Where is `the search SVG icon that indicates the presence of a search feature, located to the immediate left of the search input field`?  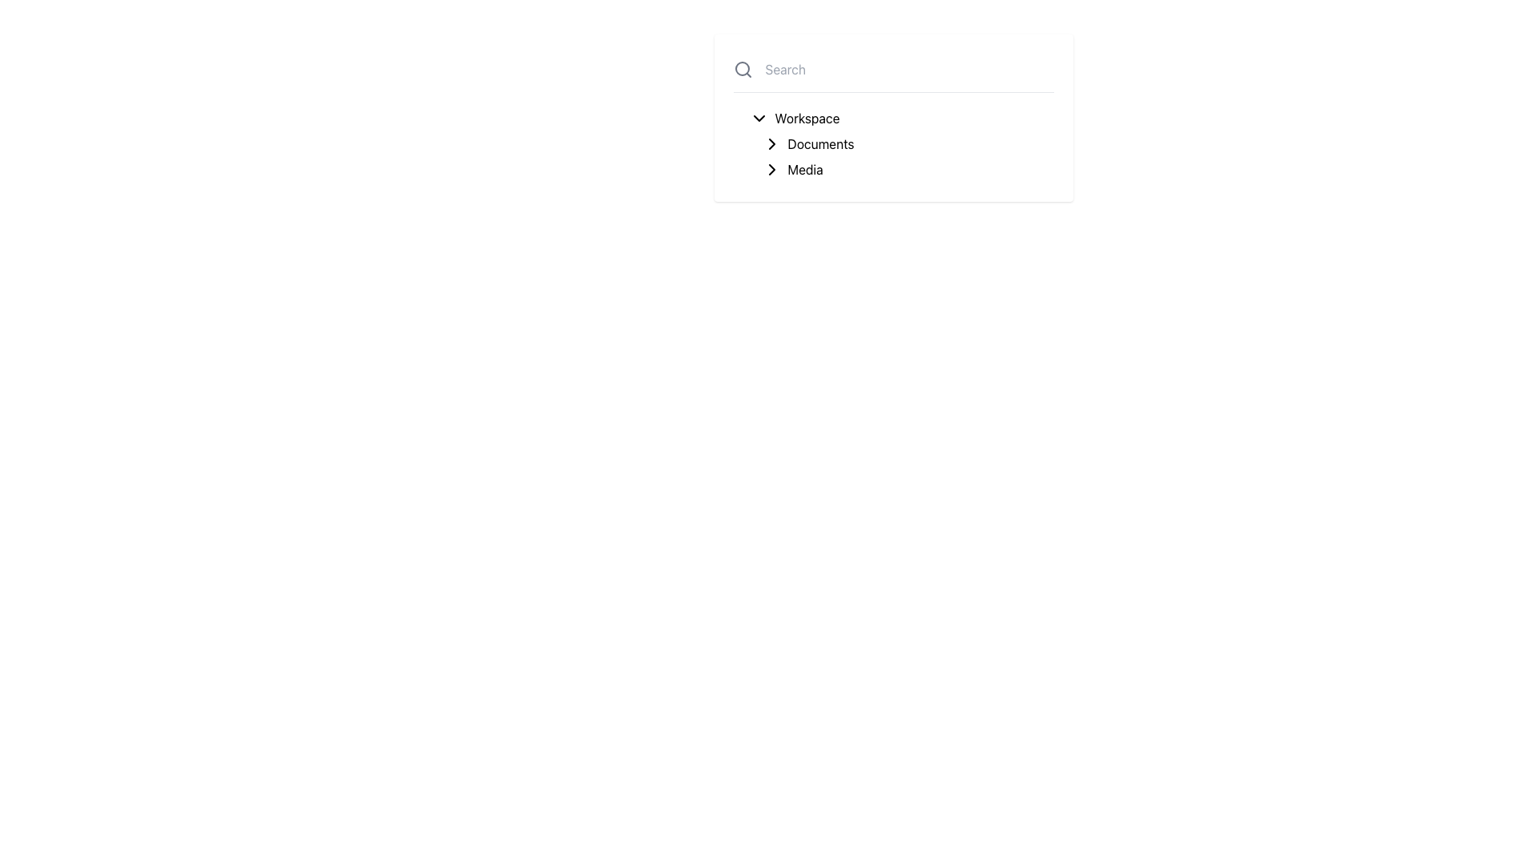 the search SVG icon that indicates the presence of a search feature, located to the immediate left of the search input field is located at coordinates (742, 69).